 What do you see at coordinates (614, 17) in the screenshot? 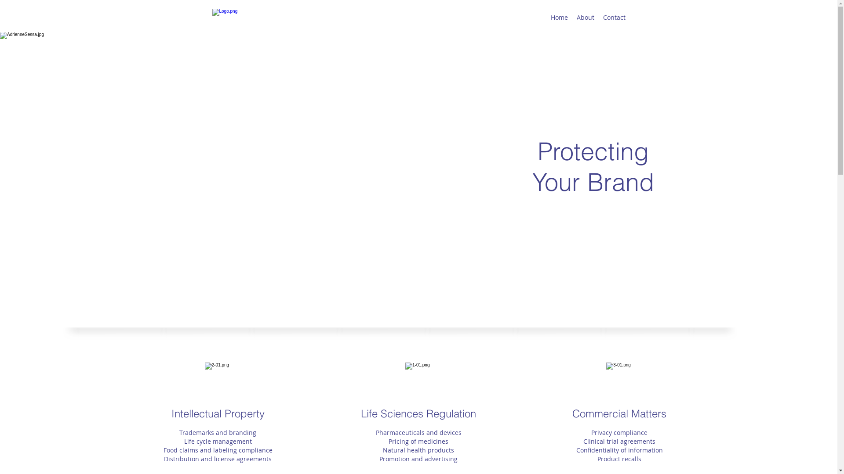
I see `'Contact'` at bounding box center [614, 17].